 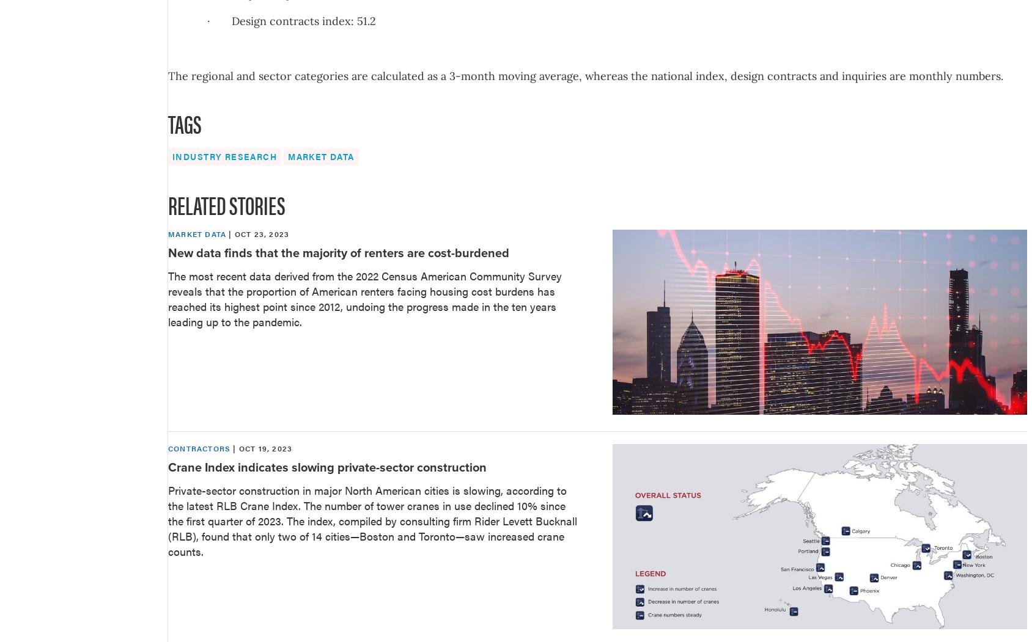 What do you see at coordinates (585, 75) in the screenshot?
I see `'The regional and sector categories are calculated as a 3-month moving average, whereas the national index, design contracts and inquiries are monthly numbers.'` at bounding box center [585, 75].